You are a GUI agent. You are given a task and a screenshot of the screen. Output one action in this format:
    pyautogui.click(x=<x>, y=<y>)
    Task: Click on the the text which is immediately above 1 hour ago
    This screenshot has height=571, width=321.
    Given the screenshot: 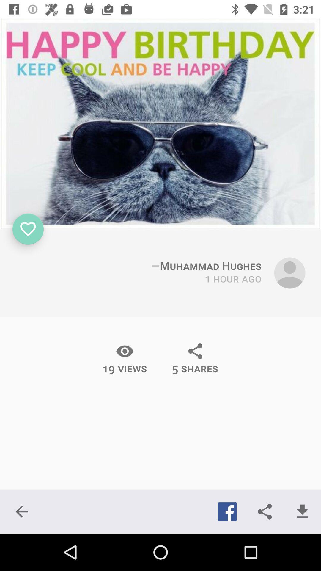 What is the action you would take?
    pyautogui.click(x=206, y=263)
    